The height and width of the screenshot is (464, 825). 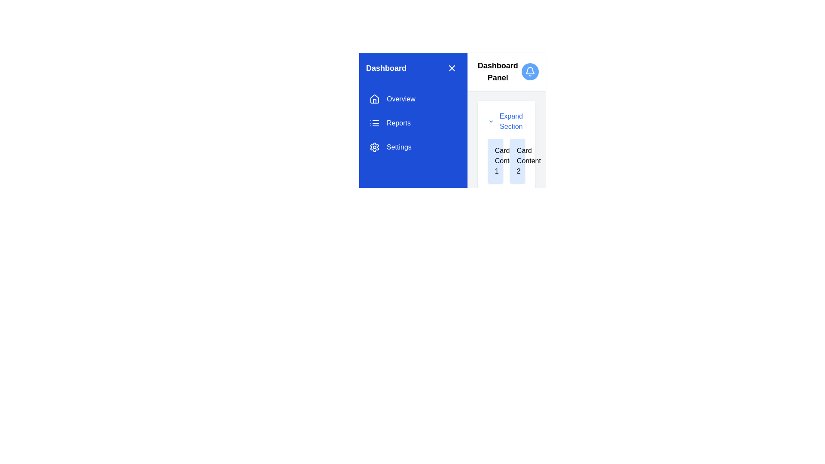 I want to click on the 'Reports' button located in the sidebar menu, which is the second button below 'Overview' and above 'Settings', so click(x=413, y=123).